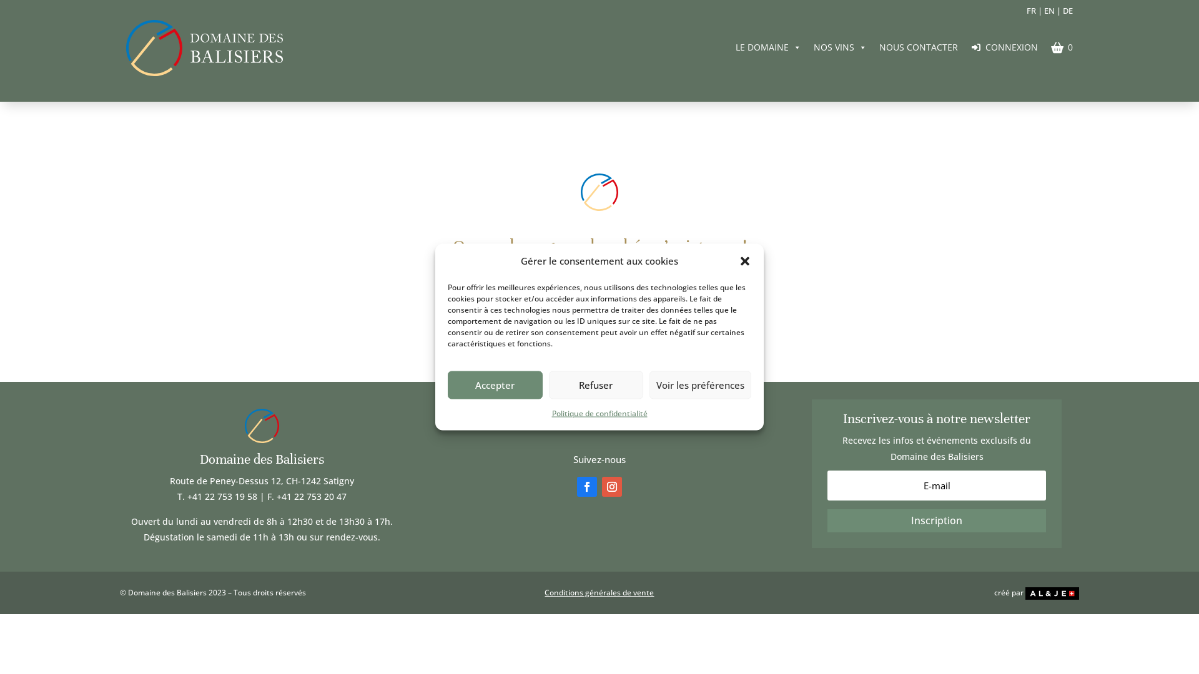 The width and height of the screenshot is (1199, 674). I want to click on 'NOS VINS', so click(840, 46).